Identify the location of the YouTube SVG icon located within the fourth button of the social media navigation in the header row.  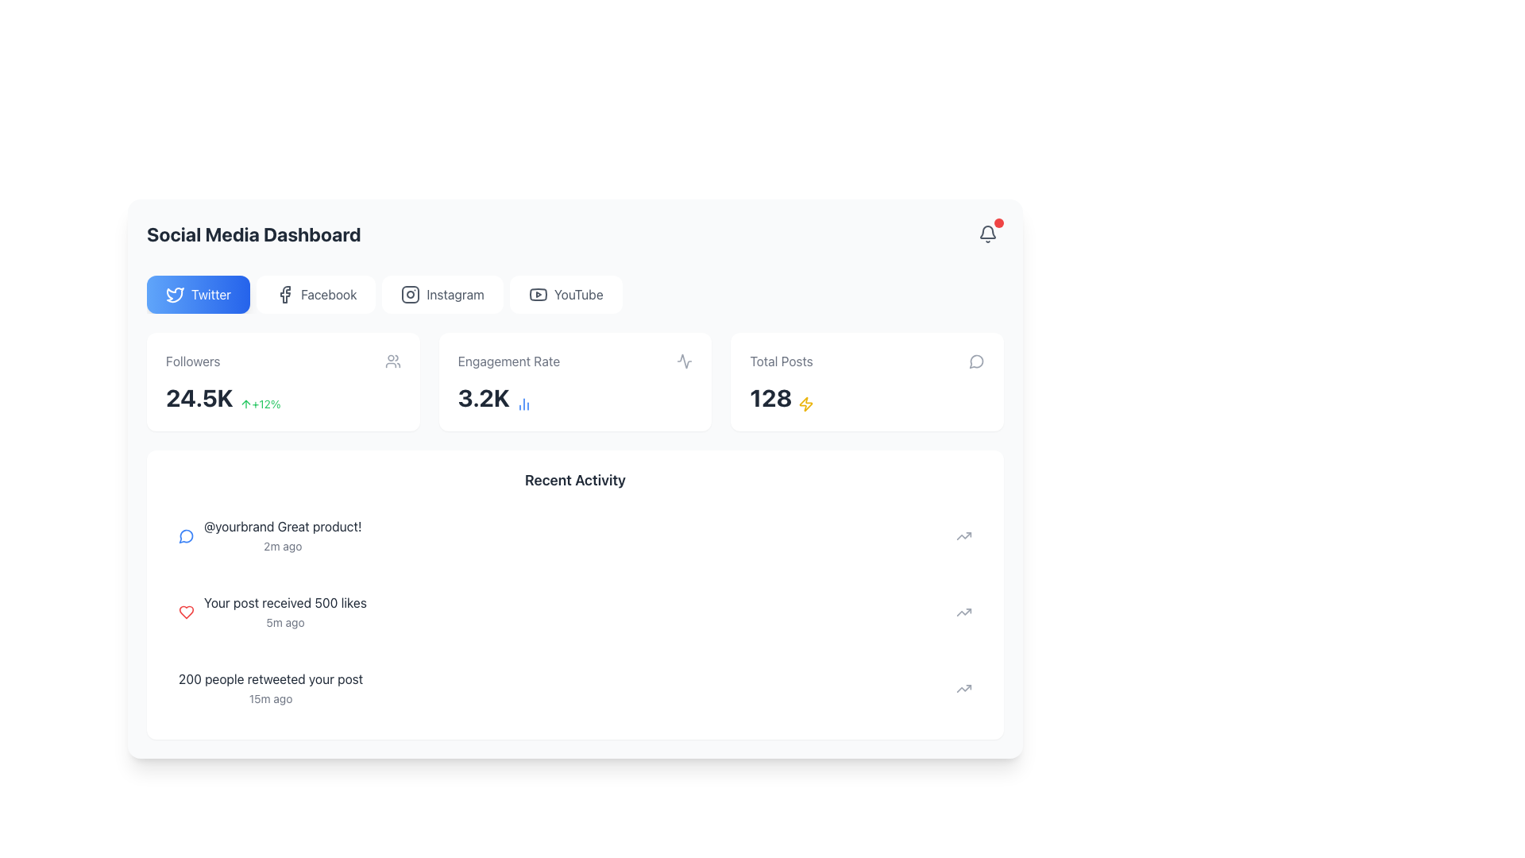
(538, 294).